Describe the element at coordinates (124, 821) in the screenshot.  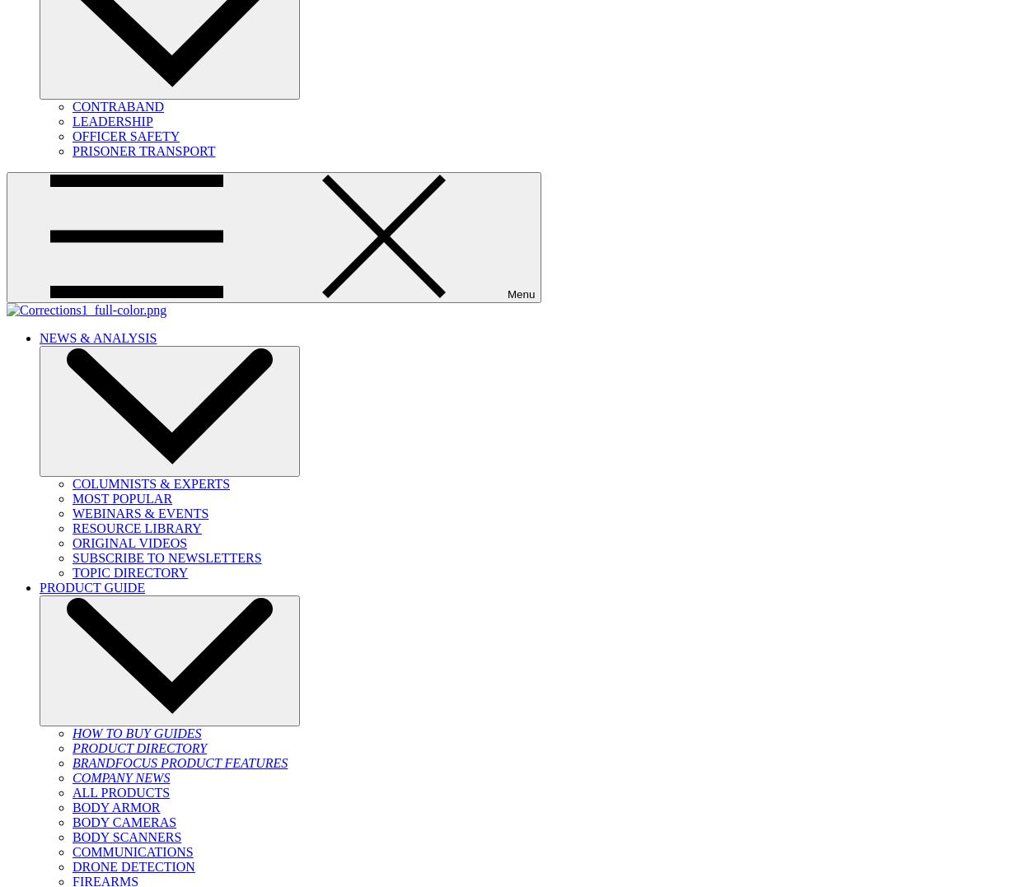
I see `'BODY CAMERAS'` at that location.